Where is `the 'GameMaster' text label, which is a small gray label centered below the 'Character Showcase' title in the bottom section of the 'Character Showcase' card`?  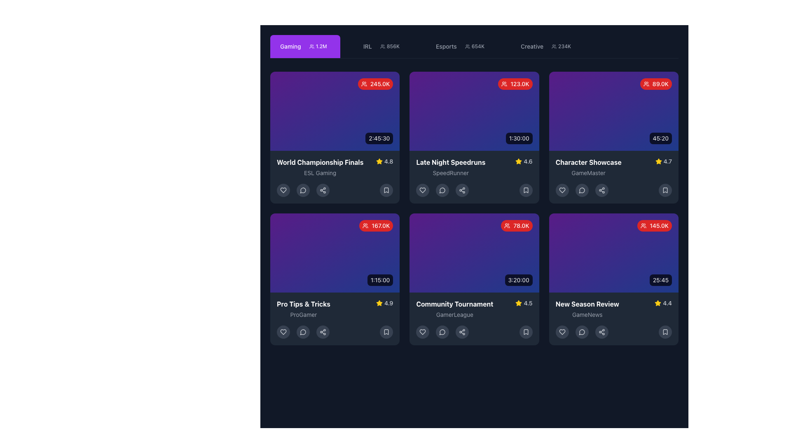 the 'GameMaster' text label, which is a small gray label centered below the 'Character Showcase' title in the bottom section of the 'Character Showcase' card is located at coordinates (588, 173).